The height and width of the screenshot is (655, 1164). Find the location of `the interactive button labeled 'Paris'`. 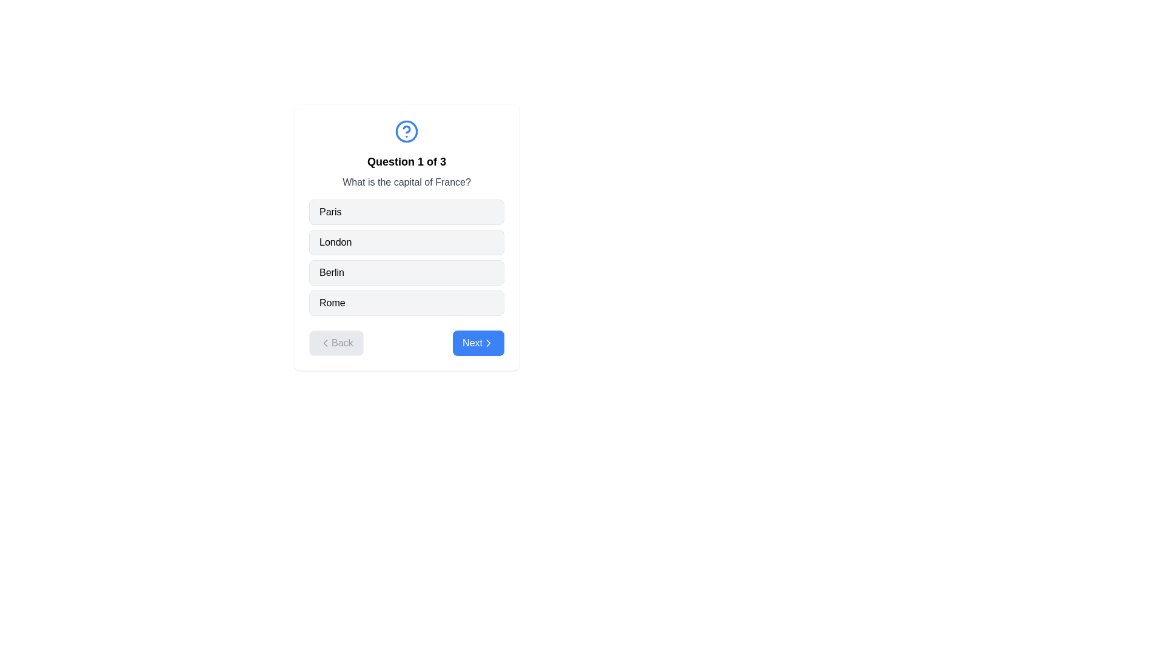

the interactive button labeled 'Paris' is located at coordinates (330, 212).